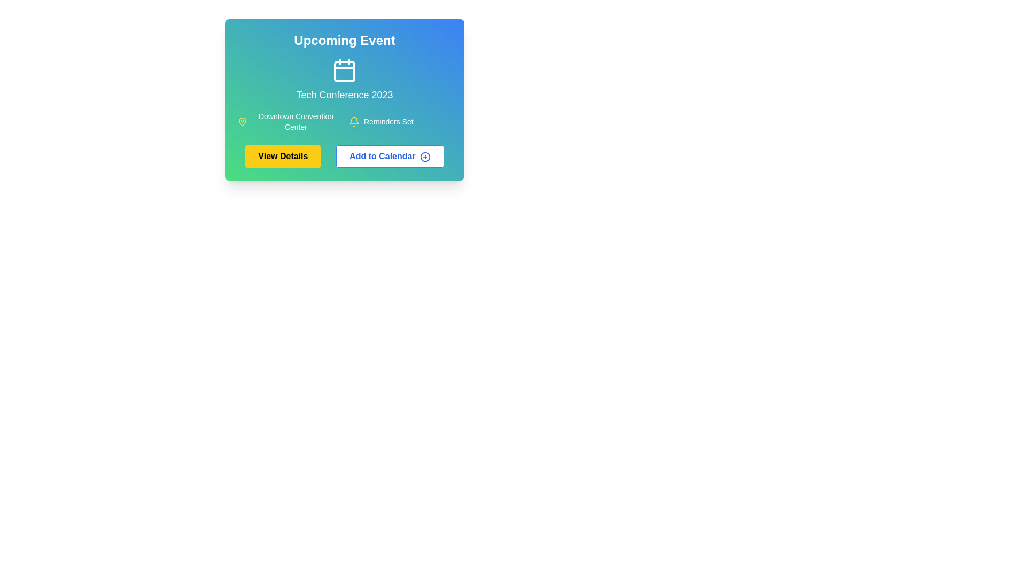 The width and height of the screenshot is (1026, 577). Describe the element at coordinates (344, 40) in the screenshot. I see `the text label styled as a title with the content 'Upcoming Event', which is centered at the top of the gradient background box transitioning from green to blue` at that location.